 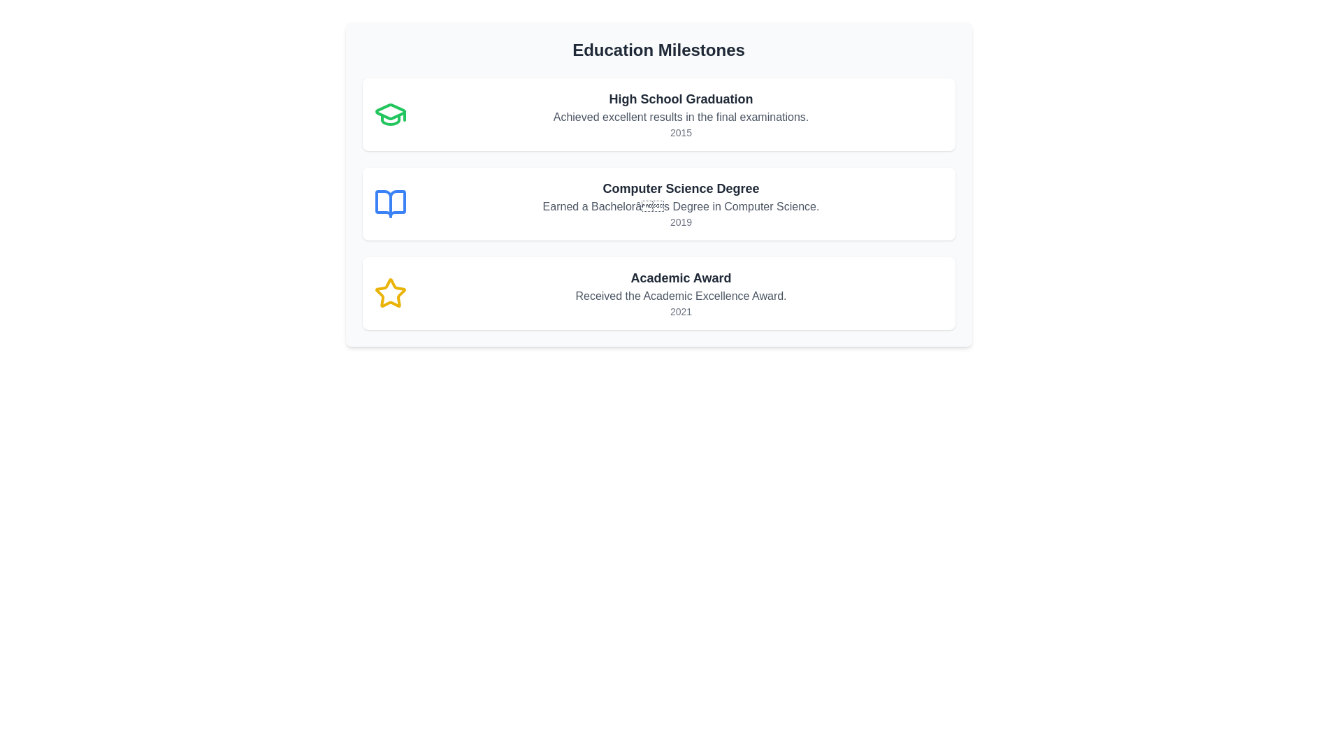 I want to click on the green graduation cap icon located at the top-left part of the 'High School Graduation' card, so click(x=390, y=114).